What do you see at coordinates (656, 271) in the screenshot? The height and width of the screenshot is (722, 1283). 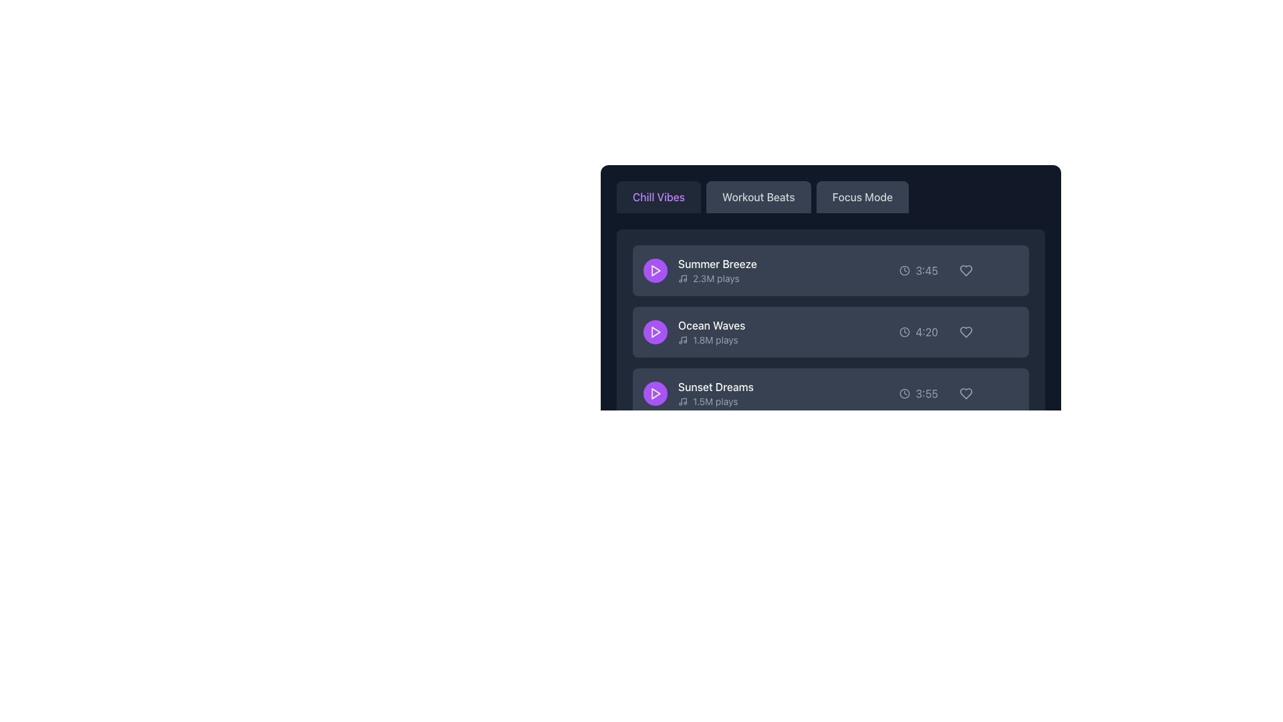 I see `the triangular play icon with a purple background and white outline located beside the track title 'Summer Breeze' to play the associated track` at bounding box center [656, 271].